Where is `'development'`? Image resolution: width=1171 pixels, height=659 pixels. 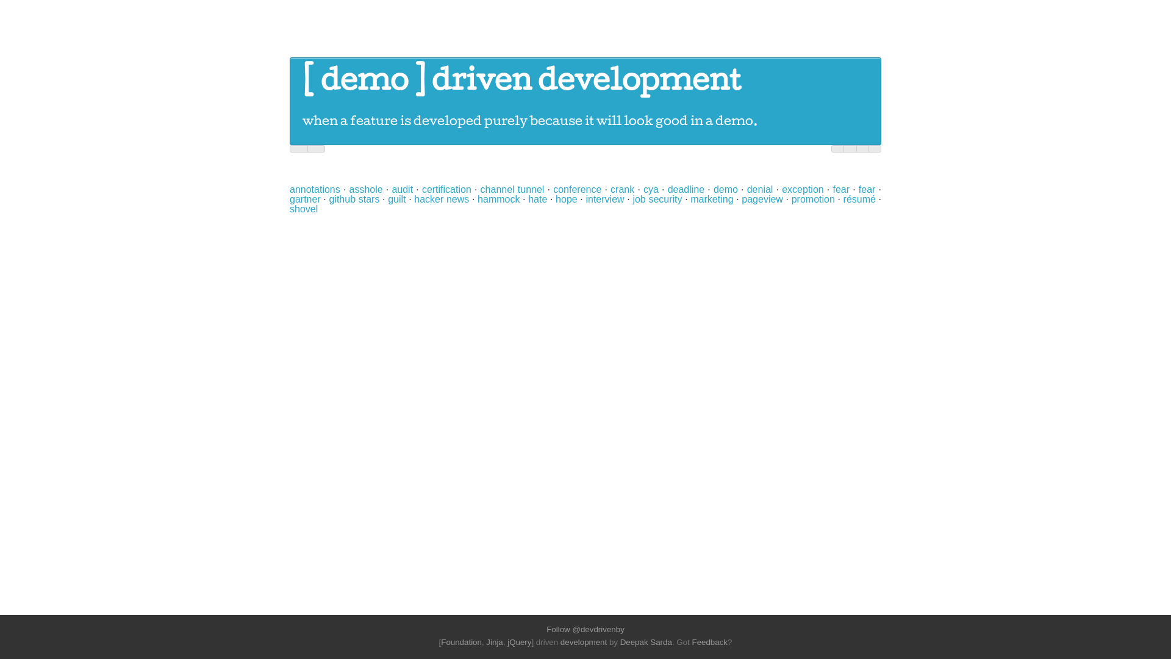
'development' is located at coordinates (582, 641).